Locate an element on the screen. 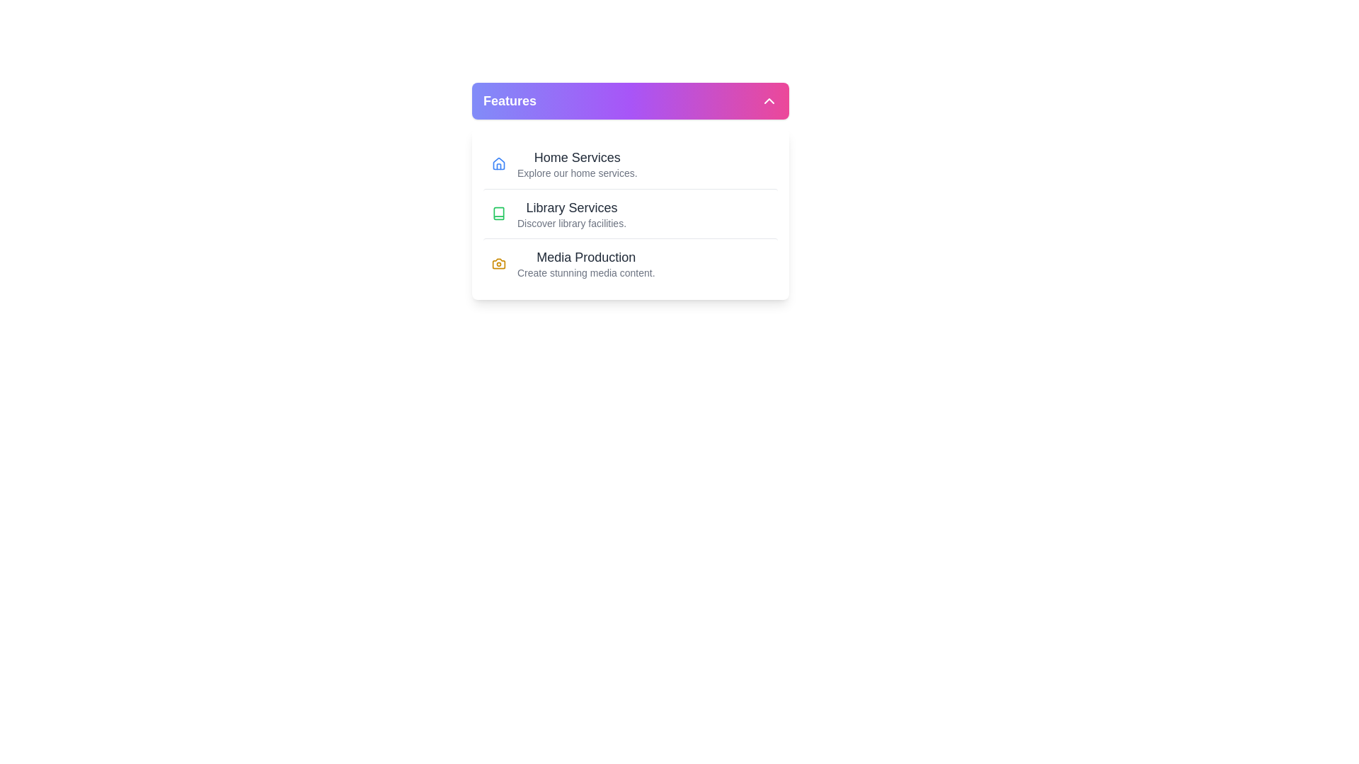 The image size is (1359, 764). the 'Media Production' section, which features a bold title and a yellow camera icon is located at coordinates (630, 262).